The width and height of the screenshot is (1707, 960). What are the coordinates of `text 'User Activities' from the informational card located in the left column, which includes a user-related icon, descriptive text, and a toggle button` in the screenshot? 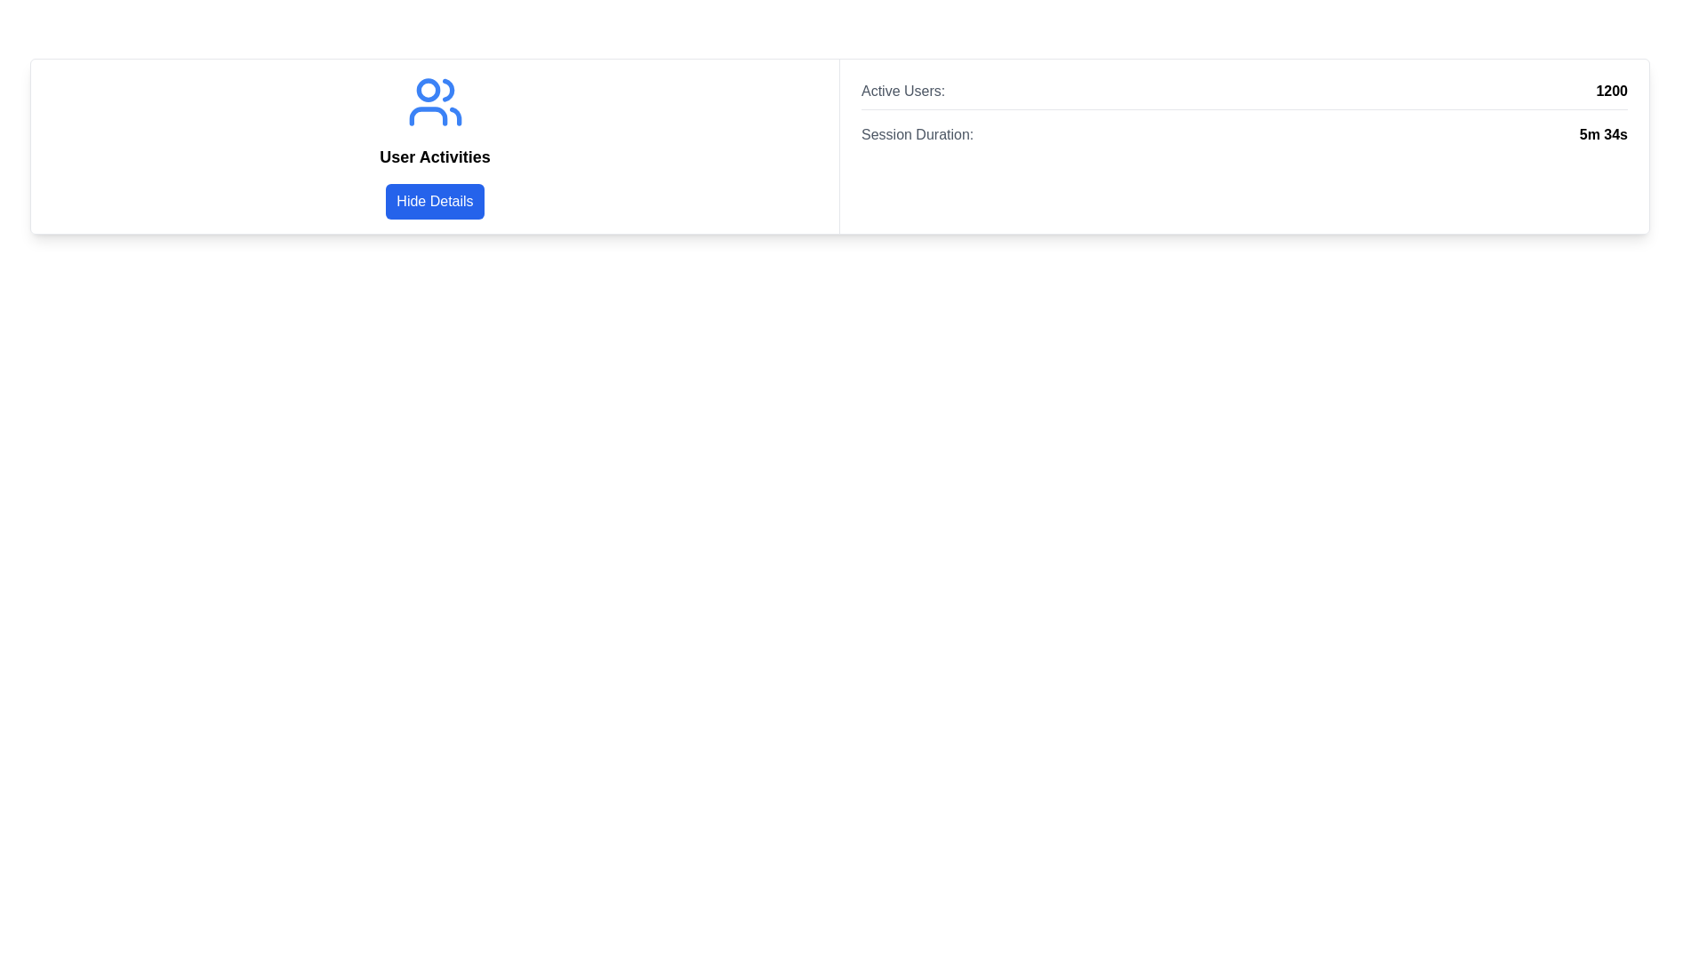 It's located at (435, 146).